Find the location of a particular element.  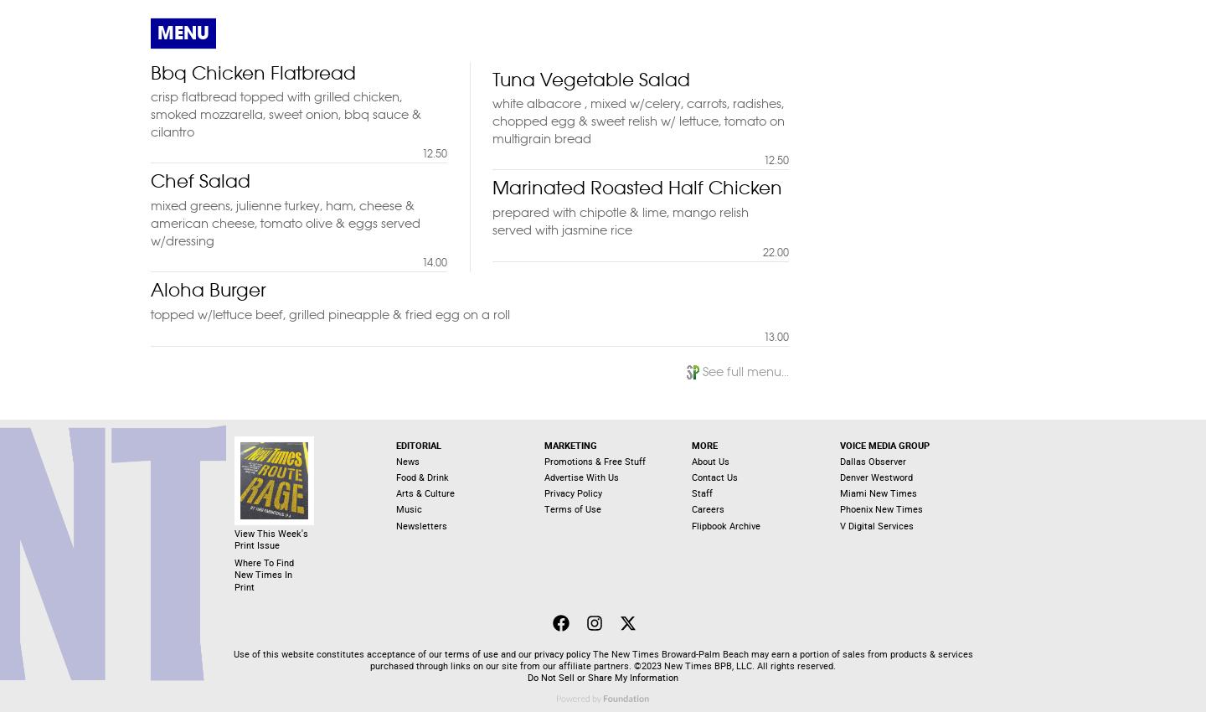

'See full menu...' is located at coordinates (745, 369).